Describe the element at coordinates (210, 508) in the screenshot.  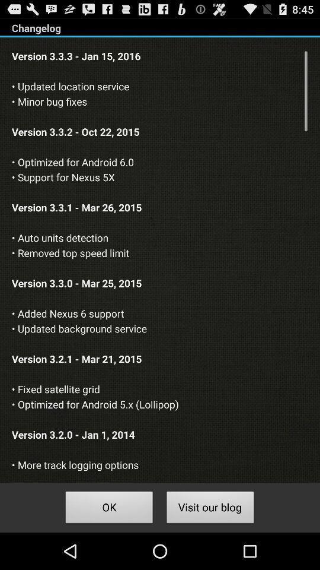
I see `button to the right of the ok button` at that location.